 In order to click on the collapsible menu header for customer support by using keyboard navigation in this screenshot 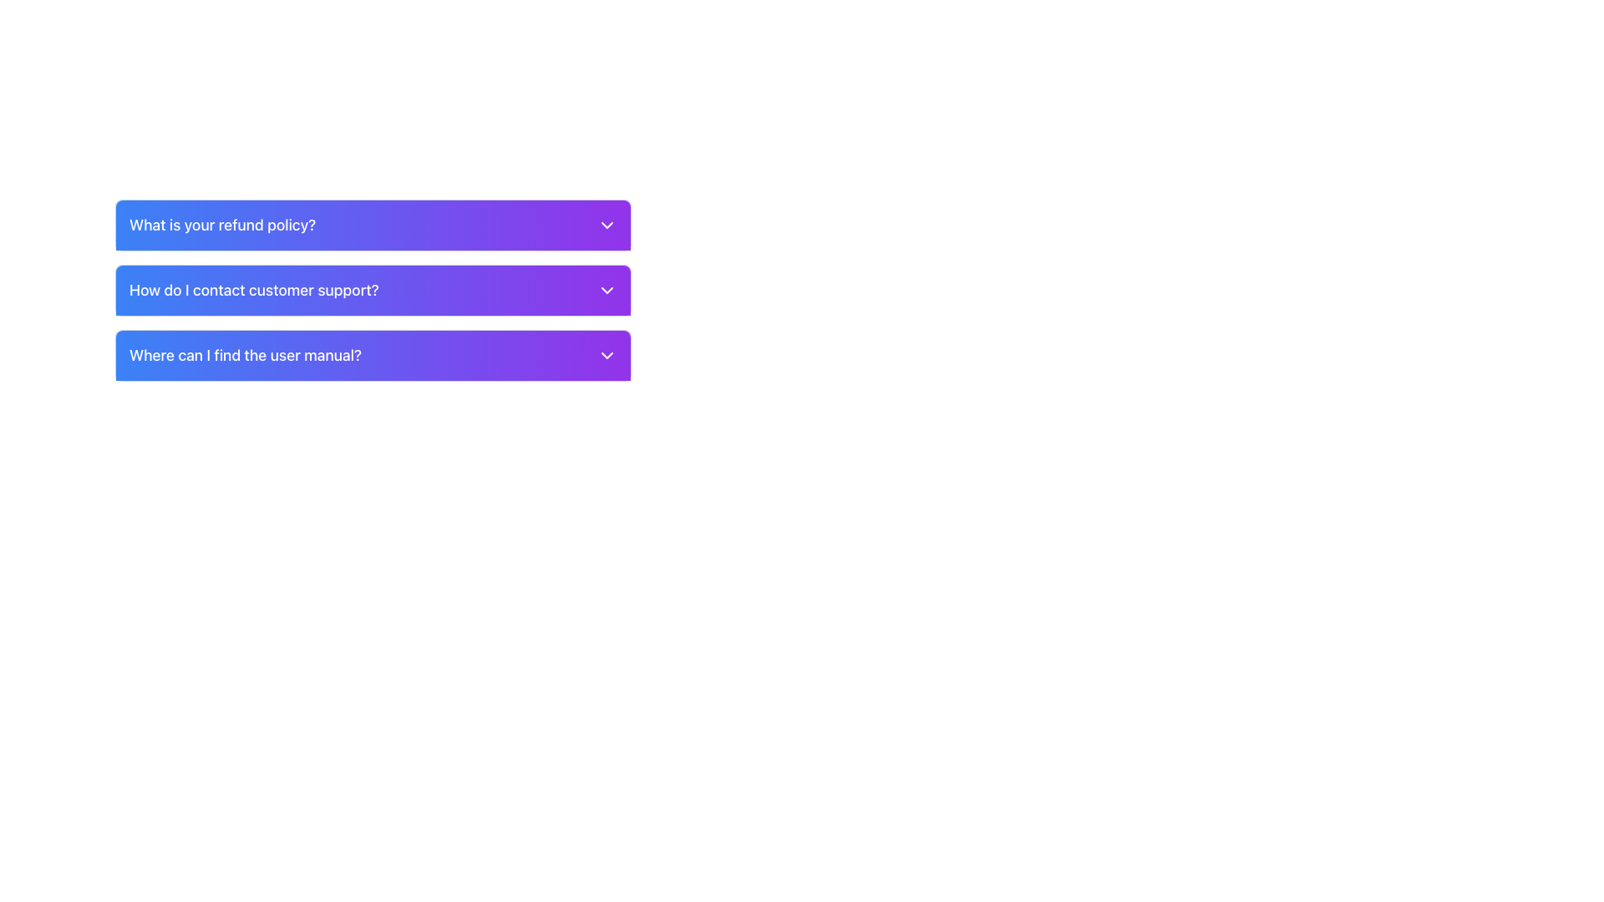, I will do `click(372, 289)`.